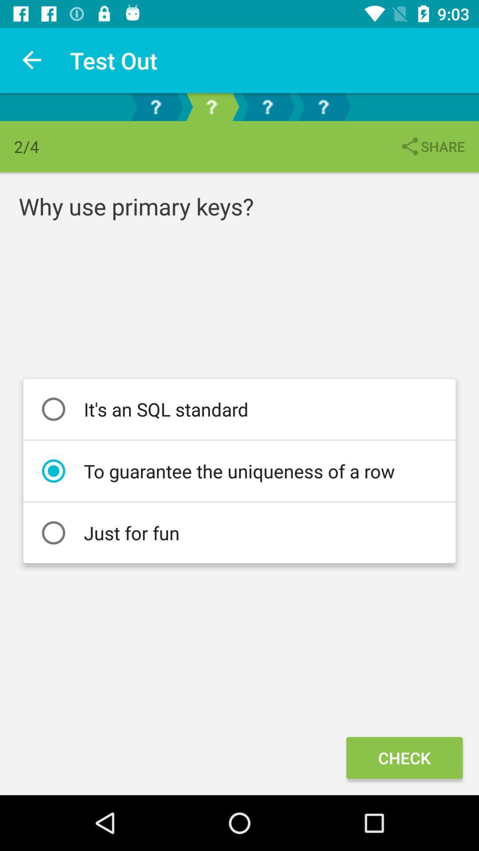  I want to click on the help icon, so click(155, 106).